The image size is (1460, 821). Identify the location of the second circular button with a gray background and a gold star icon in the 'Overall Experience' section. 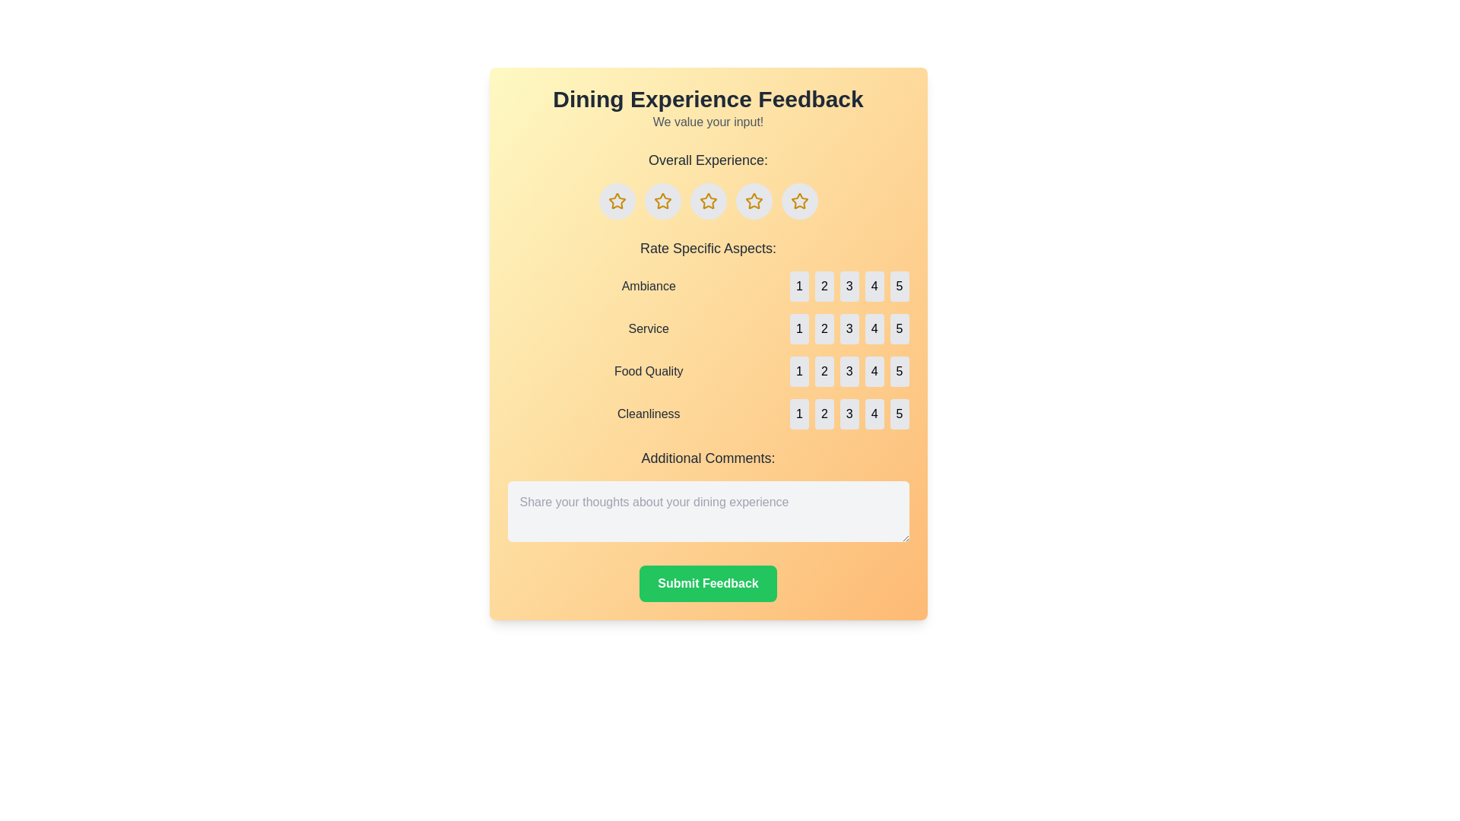
(662, 201).